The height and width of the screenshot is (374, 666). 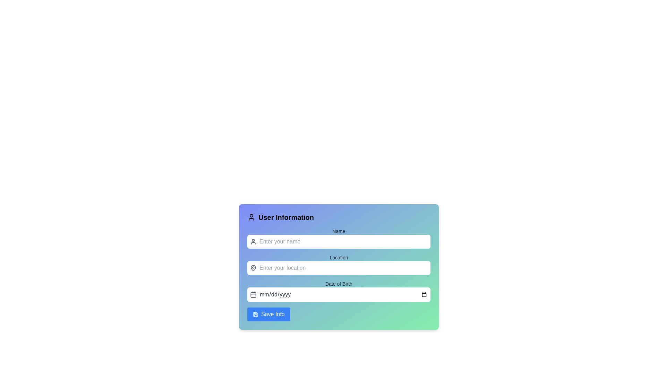 What do you see at coordinates (253, 268) in the screenshot?
I see `the lower part of the map pin icon located inside the 'Location' input field in the 'User Information' form to note its location representation` at bounding box center [253, 268].